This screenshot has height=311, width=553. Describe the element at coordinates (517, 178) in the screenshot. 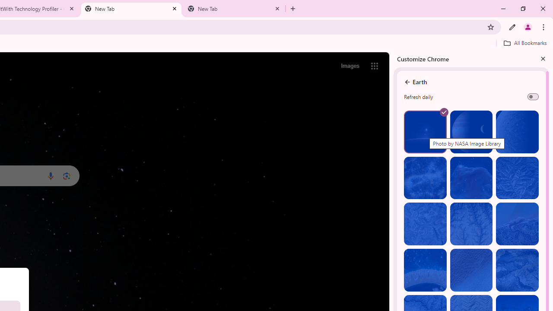

I see `'Kelan, Shanxi, China'` at that location.